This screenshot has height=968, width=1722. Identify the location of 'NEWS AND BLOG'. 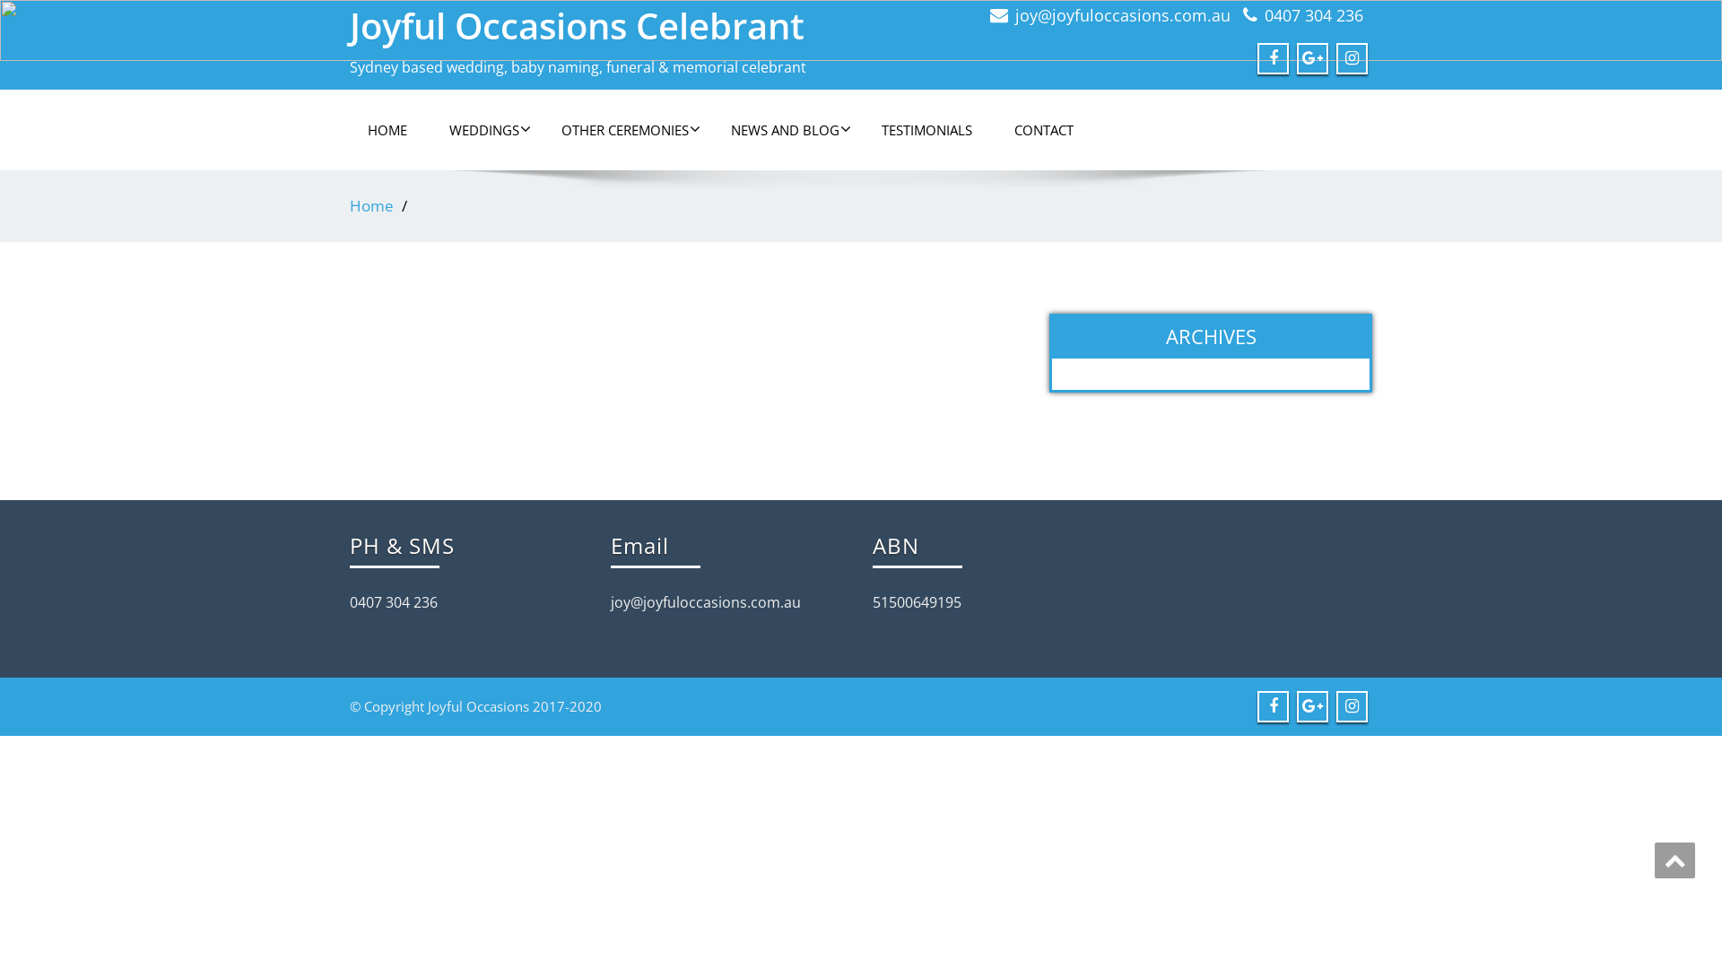
(785, 129).